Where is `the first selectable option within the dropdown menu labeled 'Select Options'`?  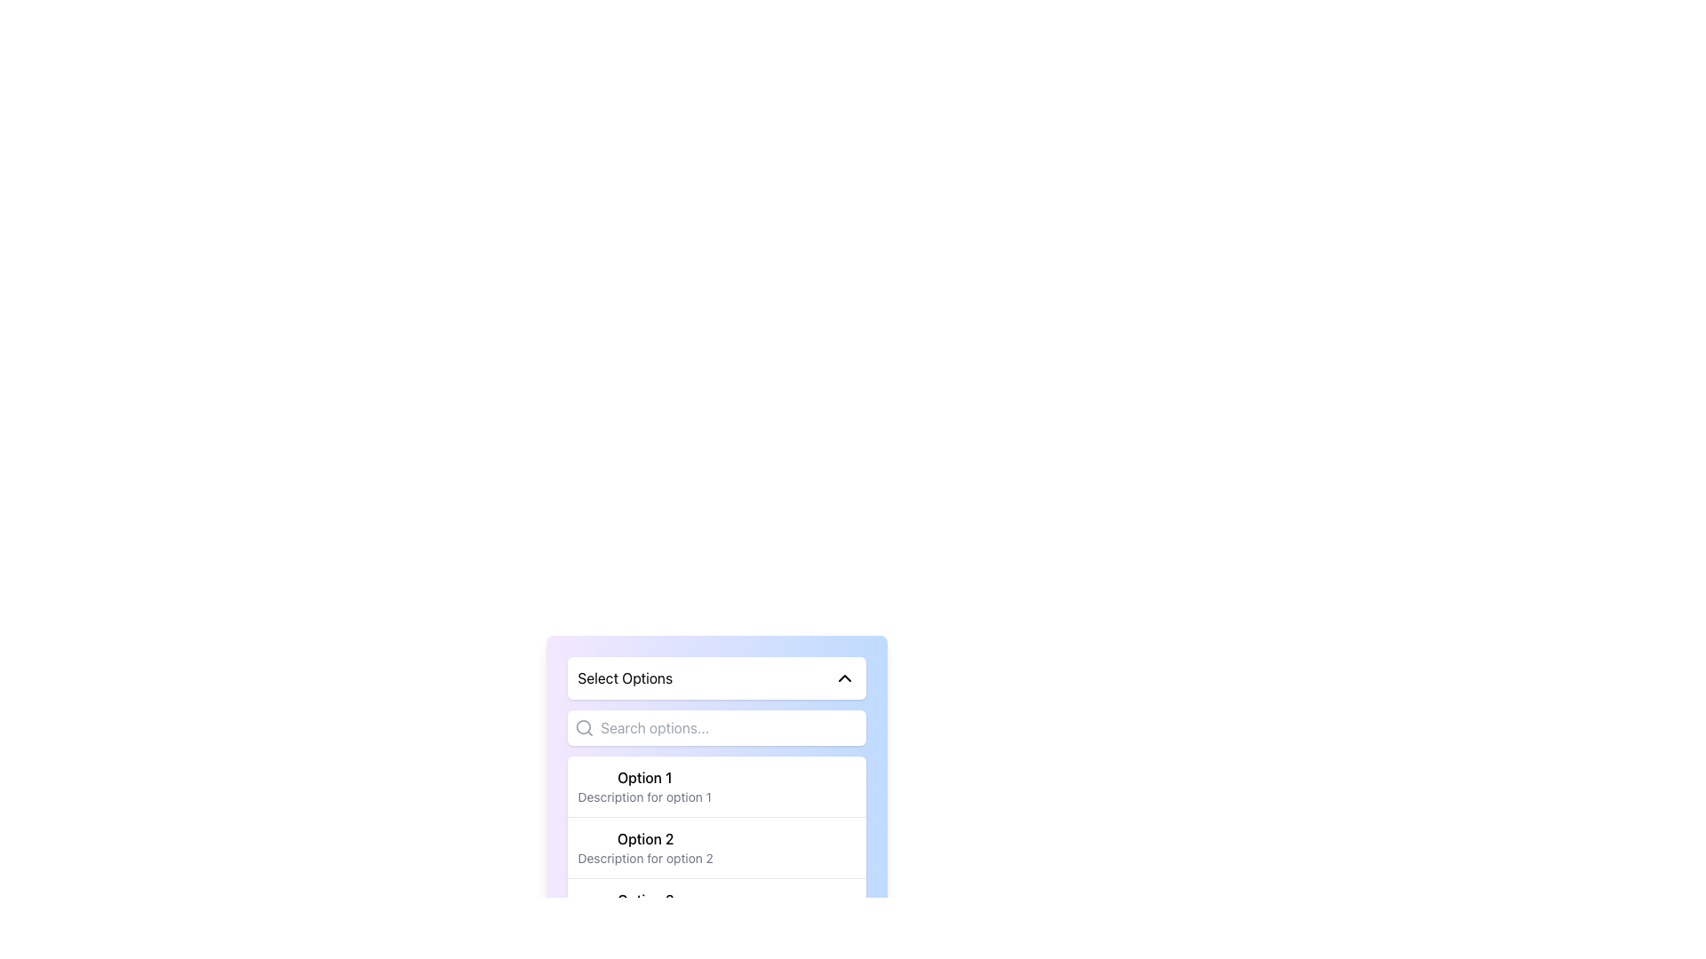
the first selectable option within the dropdown menu labeled 'Select Options' is located at coordinates (643, 786).